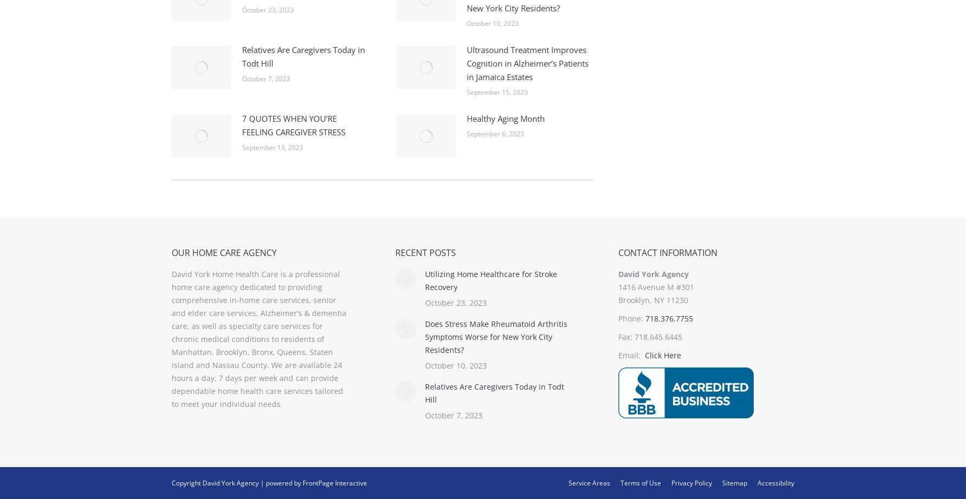  What do you see at coordinates (758, 482) in the screenshot?
I see `'Accessibility'` at bounding box center [758, 482].